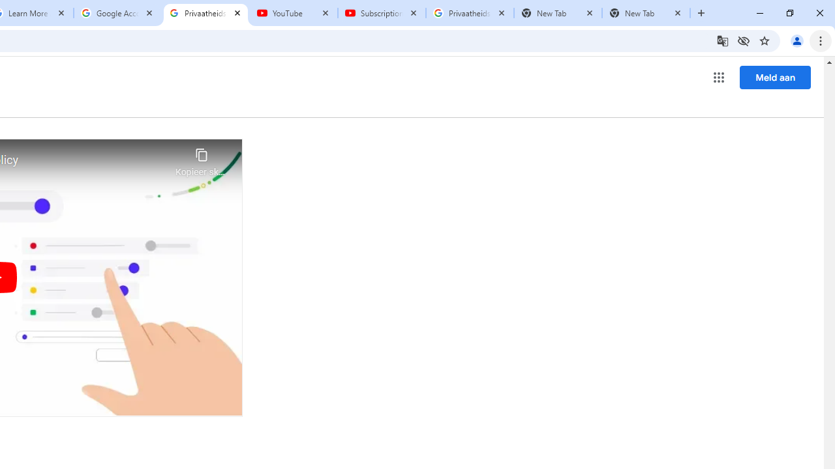  What do you see at coordinates (721, 40) in the screenshot?
I see `'Translate this page'` at bounding box center [721, 40].